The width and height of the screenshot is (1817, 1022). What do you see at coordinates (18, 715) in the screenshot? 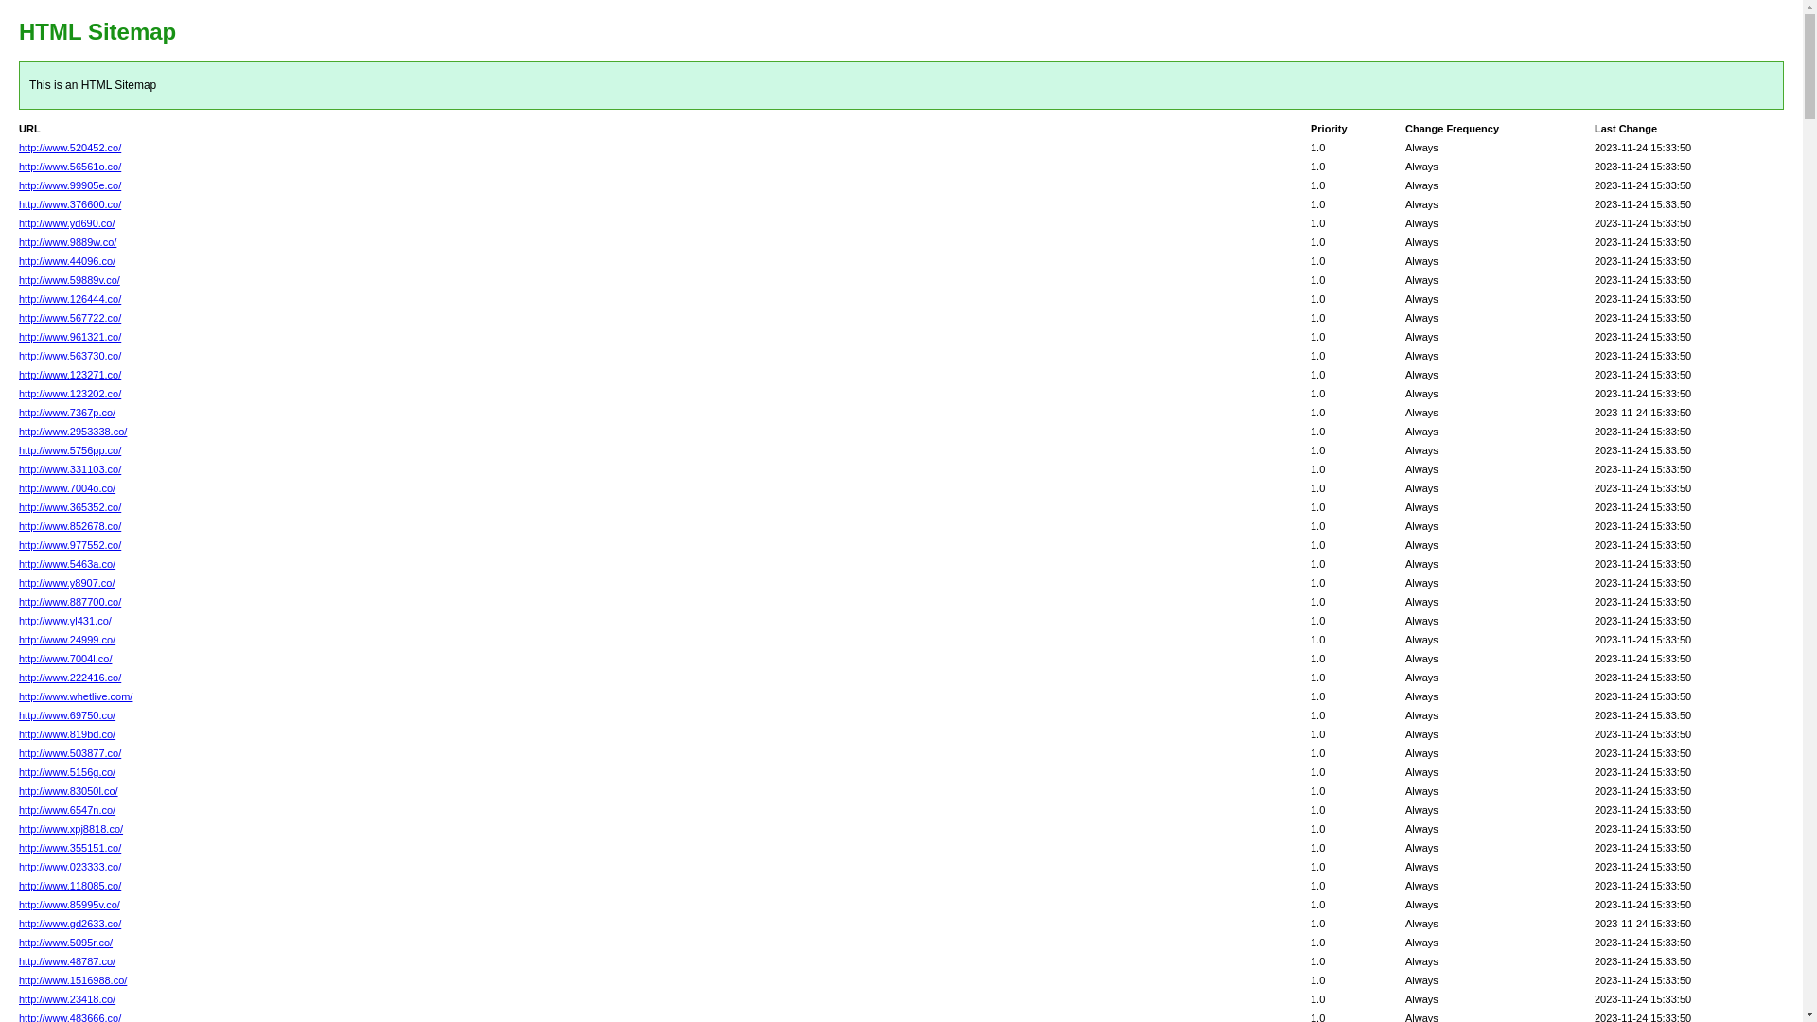
I see `'http://www.69750.co/'` at bounding box center [18, 715].